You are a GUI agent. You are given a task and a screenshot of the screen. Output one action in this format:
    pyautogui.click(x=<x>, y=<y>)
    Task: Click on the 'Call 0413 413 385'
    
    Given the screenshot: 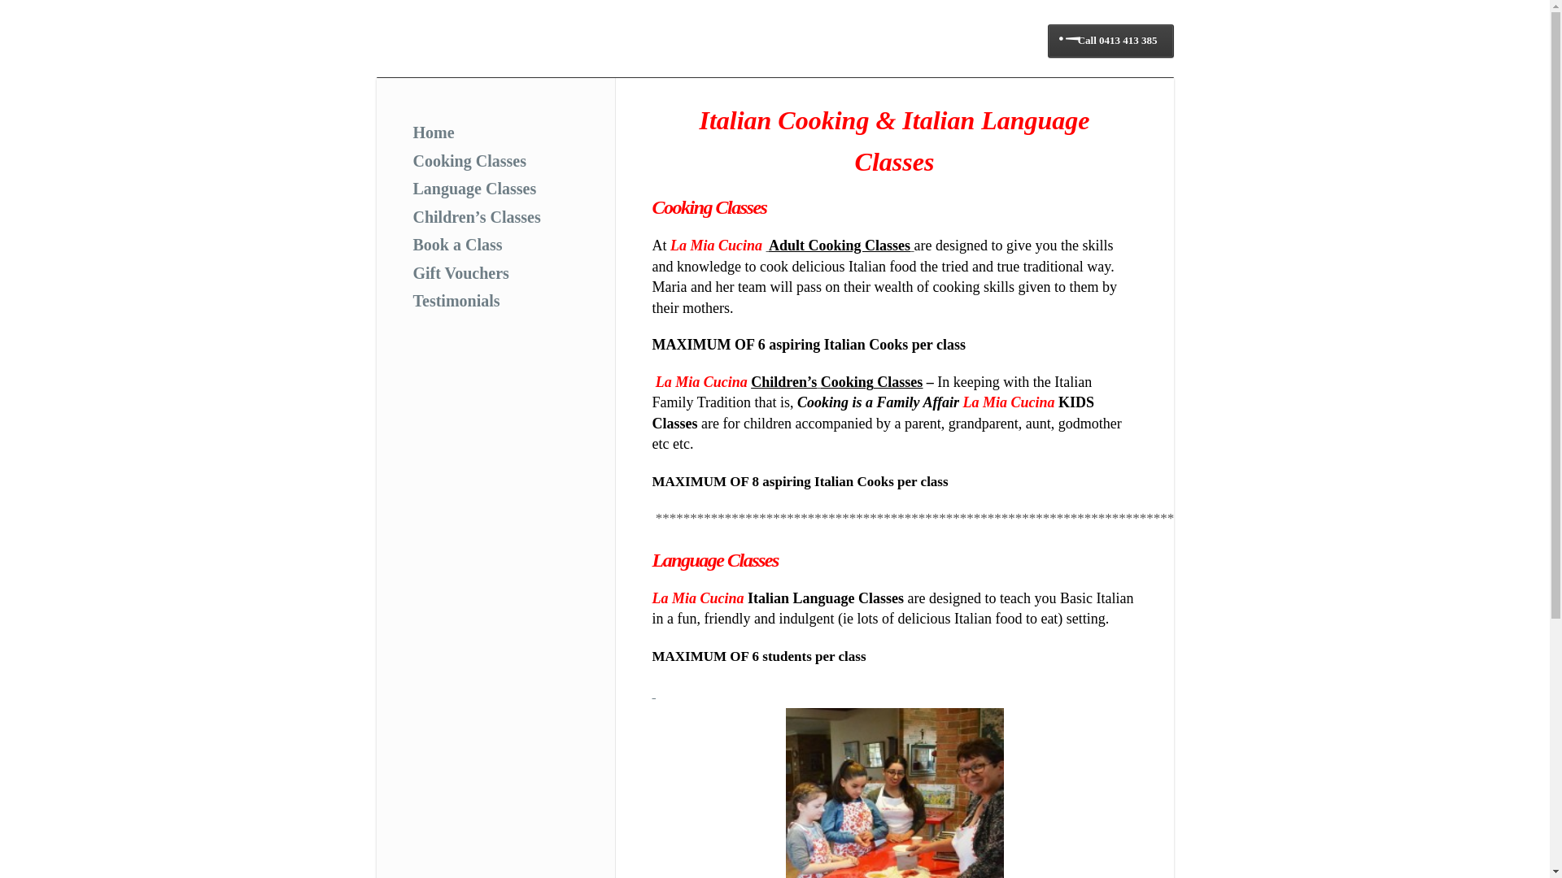 What is the action you would take?
    pyautogui.click(x=1110, y=40)
    